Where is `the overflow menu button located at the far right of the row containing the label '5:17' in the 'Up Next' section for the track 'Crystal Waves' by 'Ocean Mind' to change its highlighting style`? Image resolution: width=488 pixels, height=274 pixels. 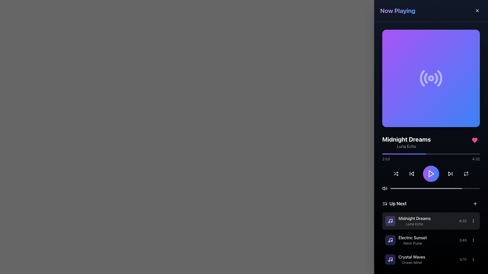 the overflow menu button located at the far right of the row containing the label '5:17' in the 'Up Next' section for the track 'Crystal Waves' by 'Ocean Mind' to change its highlighting style is located at coordinates (473, 259).